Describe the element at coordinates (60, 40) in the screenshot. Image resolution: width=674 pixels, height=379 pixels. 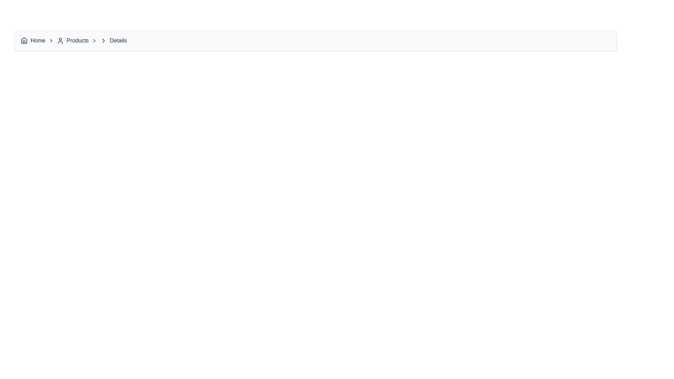
I see `the design of the SVG icon representing a user or profile, located to the left of the 'Products' link in the breadcrumb navigation bar` at that location.